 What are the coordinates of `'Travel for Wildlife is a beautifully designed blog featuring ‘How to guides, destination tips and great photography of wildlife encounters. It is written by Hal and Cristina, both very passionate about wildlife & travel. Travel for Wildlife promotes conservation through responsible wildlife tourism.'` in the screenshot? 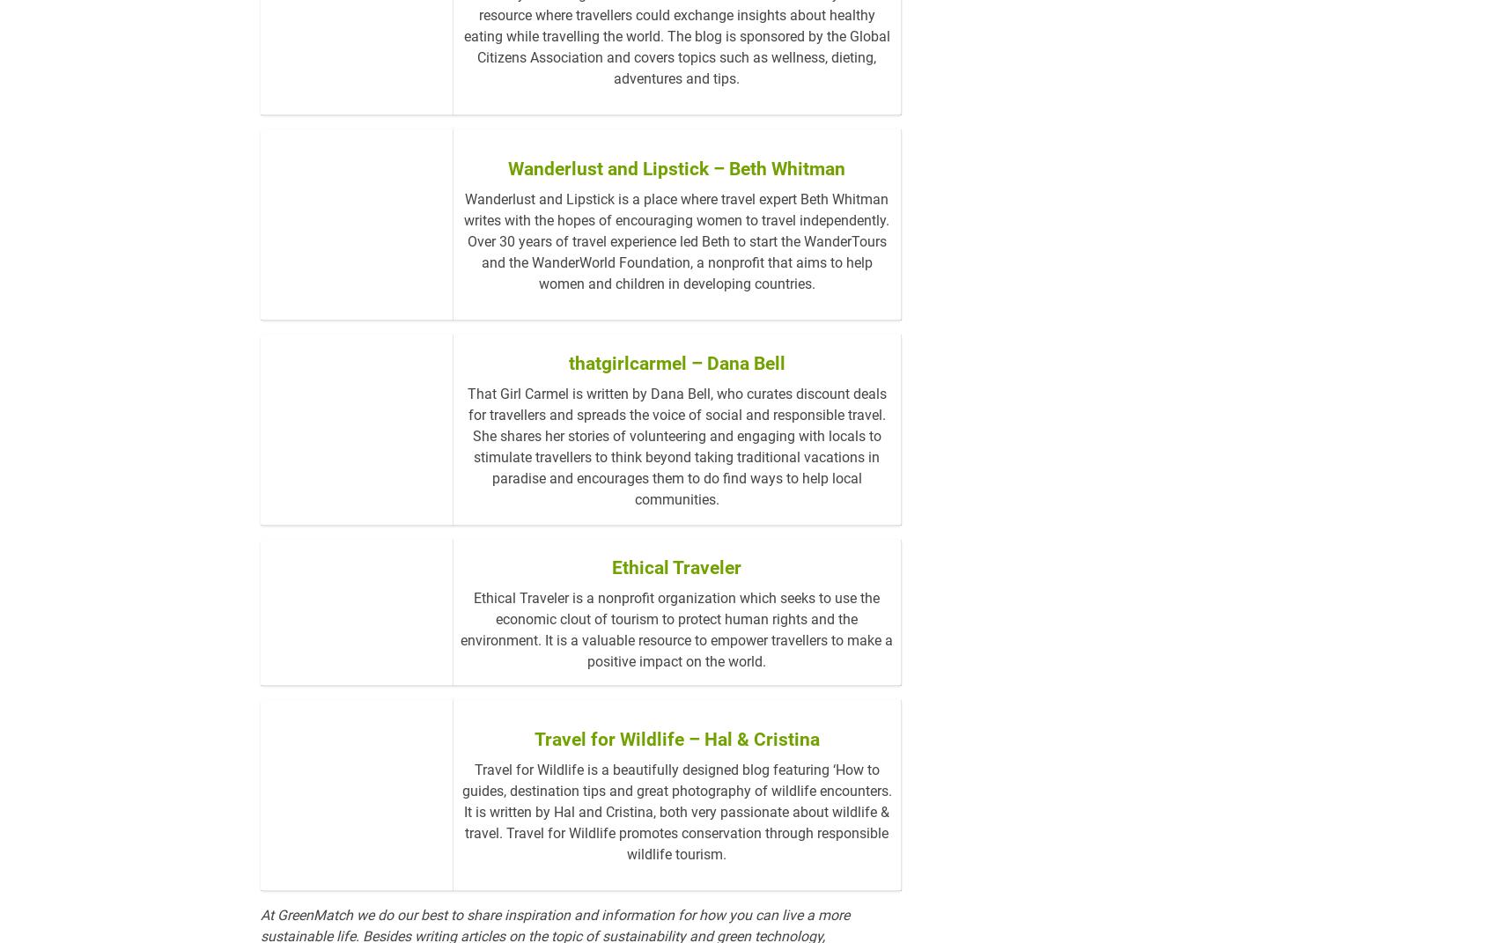 It's located at (675, 882).